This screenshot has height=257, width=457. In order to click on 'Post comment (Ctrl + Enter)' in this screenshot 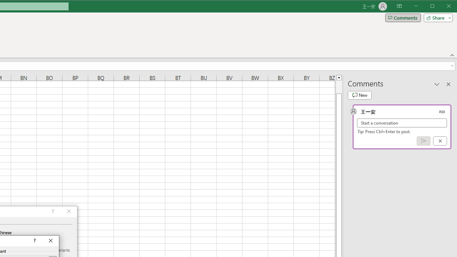, I will do `click(423, 141)`.